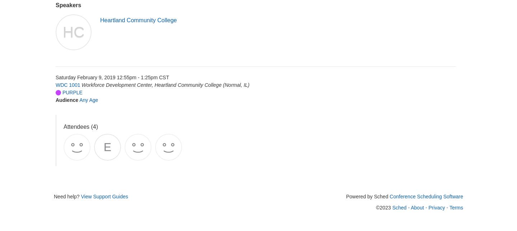 The width and height of the screenshot is (517, 231). I want to click on 'Terms', so click(456, 207).